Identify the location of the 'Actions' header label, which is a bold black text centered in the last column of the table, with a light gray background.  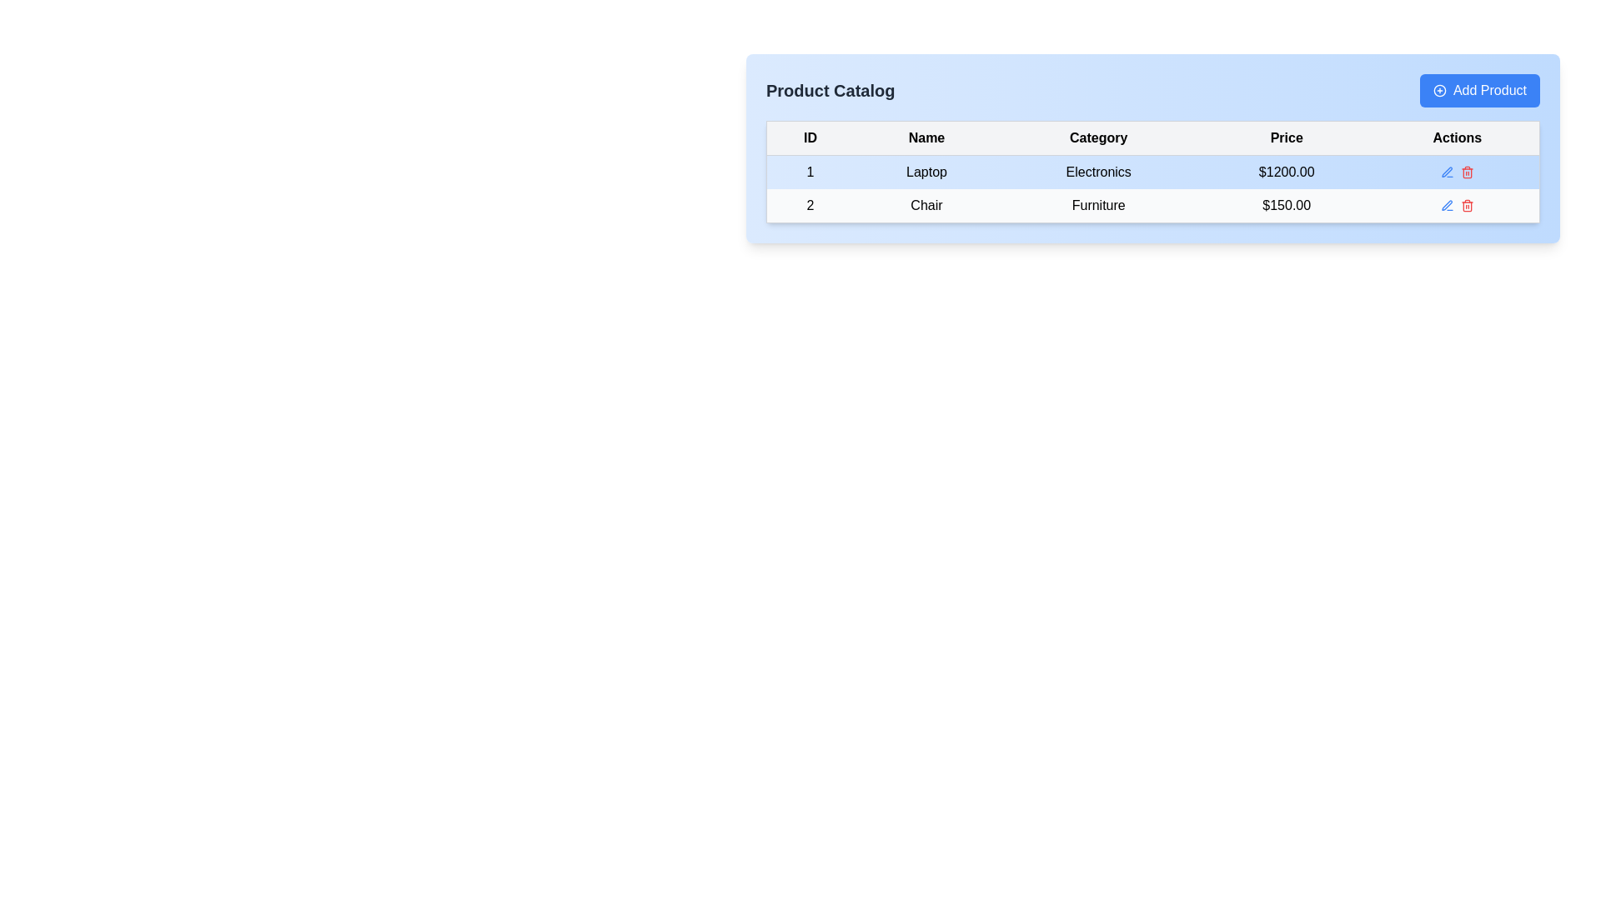
(1457, 137).